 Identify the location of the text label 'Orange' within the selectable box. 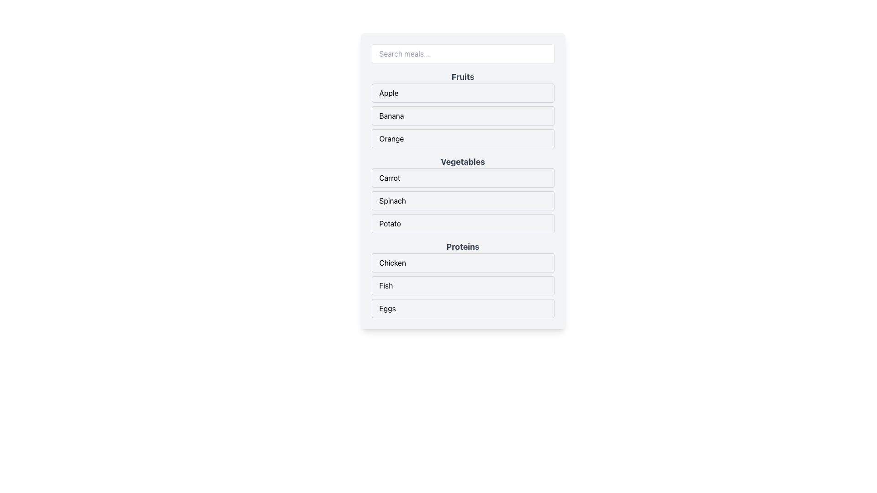
(391, 139).